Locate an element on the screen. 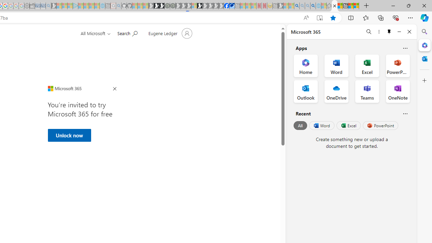 The image size is (432, 243). 'Unpin side pane' is located at coordinates (389, 31).